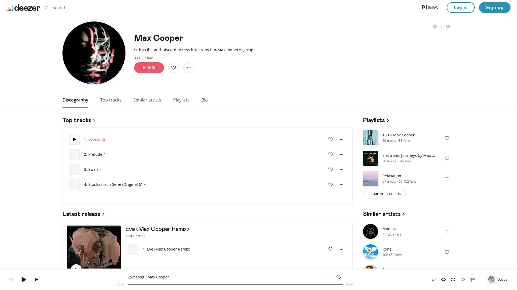 Image resolution: width=517 pixels, height=290 pixels. Describe the element at coordinates (443, 279) in the screenshot. I see `Repeat all tracks in list` at that location.